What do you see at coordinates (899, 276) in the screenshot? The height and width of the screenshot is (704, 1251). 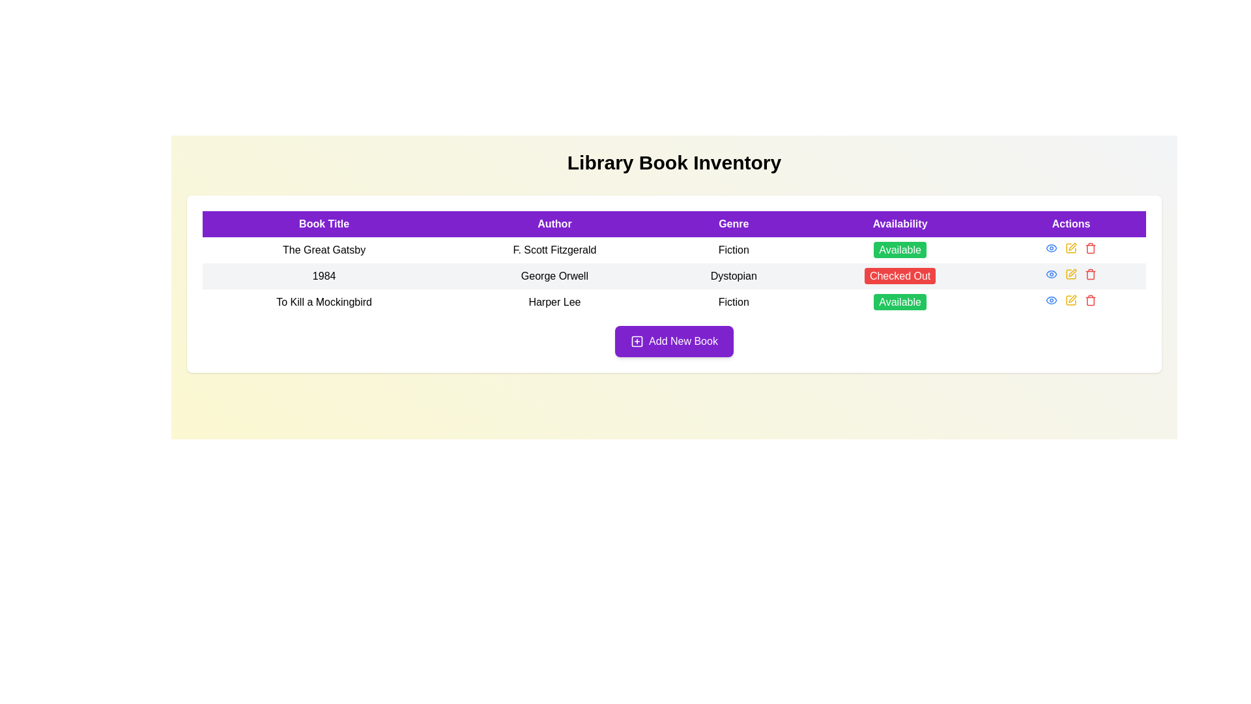 I see `the red button labeled 'Checked Out' in the availability column for the book '1984' by George Orwell` at bounding box center [899, 276].